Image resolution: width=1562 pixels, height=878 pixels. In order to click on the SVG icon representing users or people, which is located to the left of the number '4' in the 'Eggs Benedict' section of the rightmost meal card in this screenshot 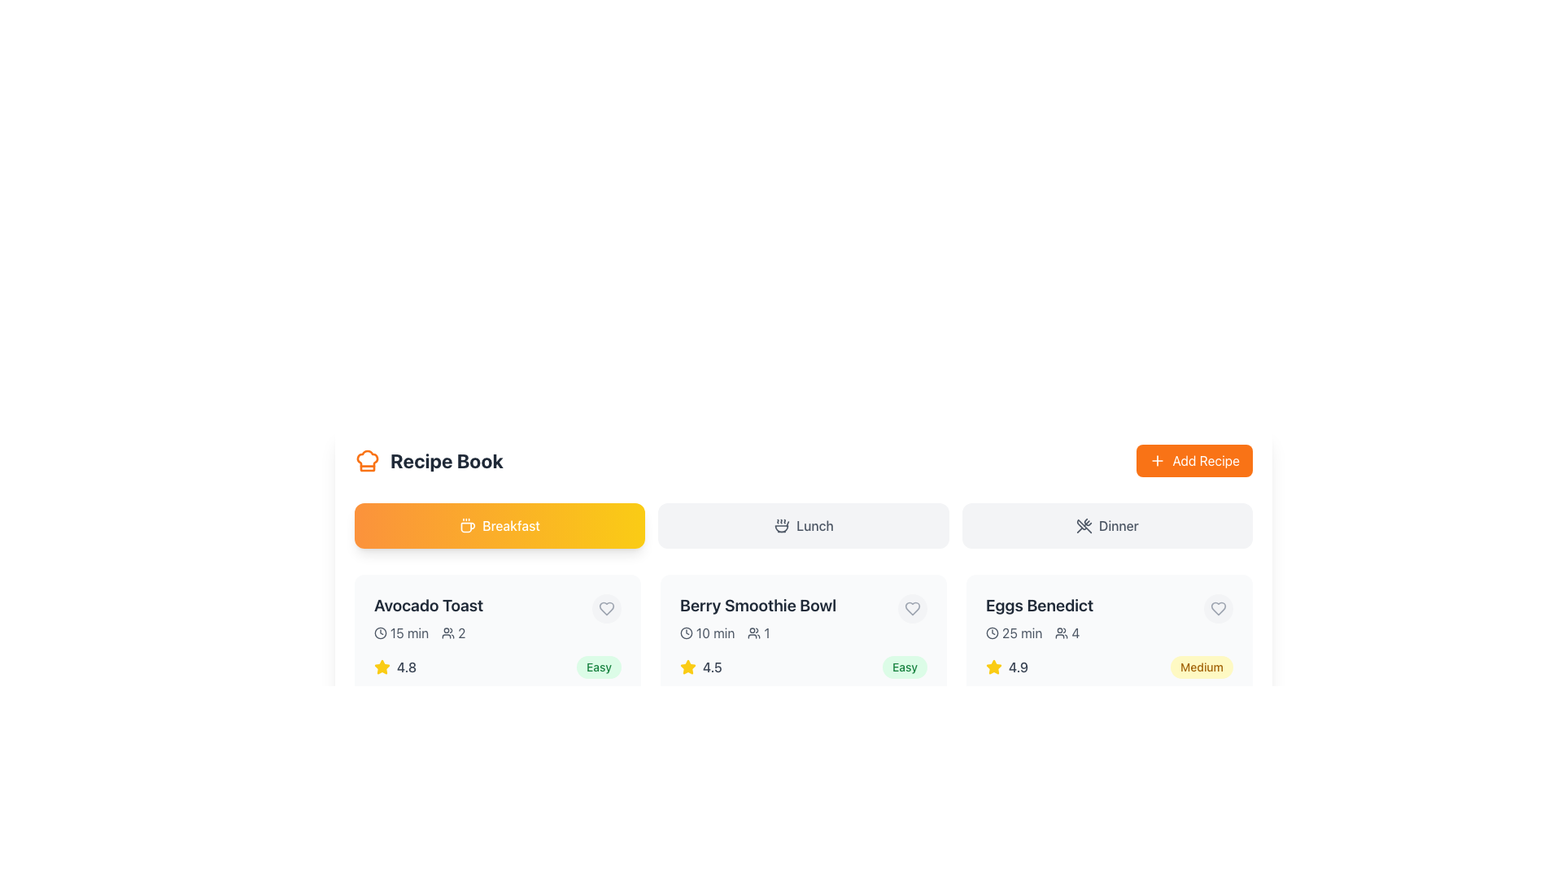, I will do `click(1062, 632)`.